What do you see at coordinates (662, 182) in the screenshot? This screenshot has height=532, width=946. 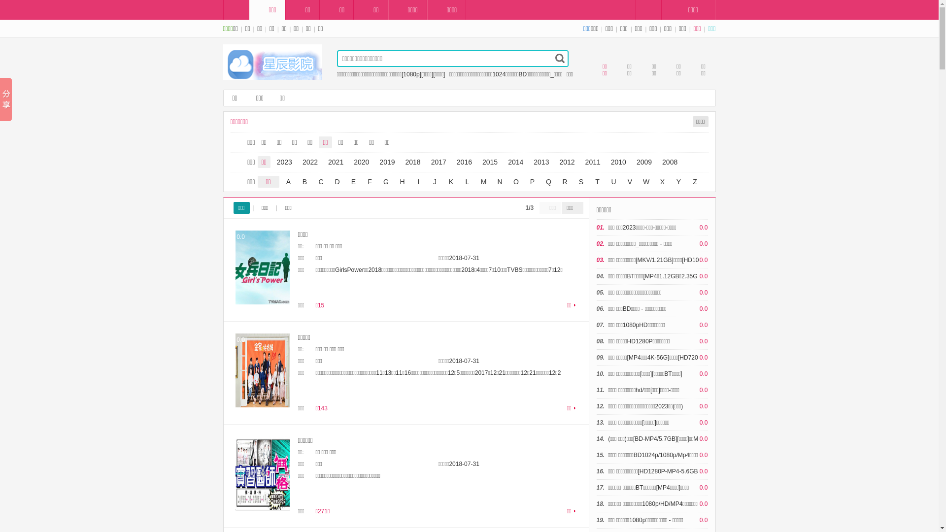 I see `'X'` at bounding box center [662, 182].